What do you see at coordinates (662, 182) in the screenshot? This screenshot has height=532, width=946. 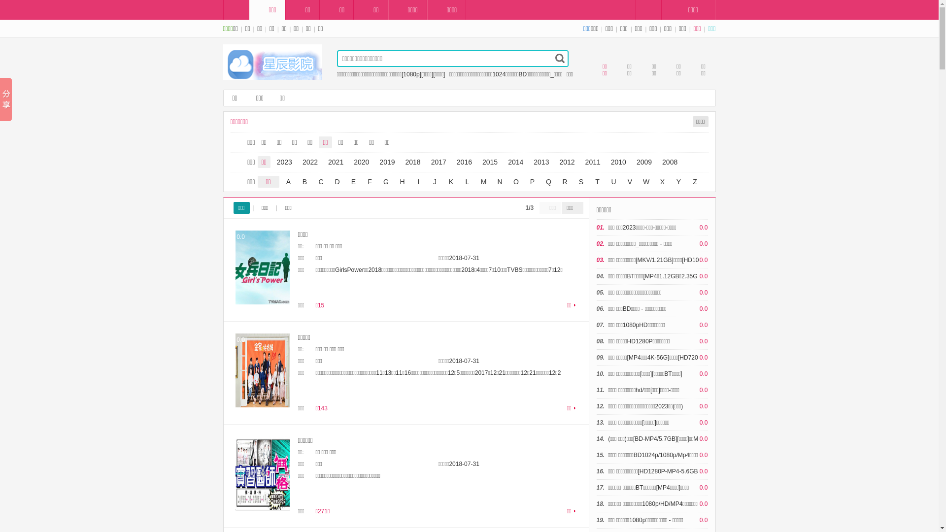 I see `'X'` at bounding box center [662, 182].